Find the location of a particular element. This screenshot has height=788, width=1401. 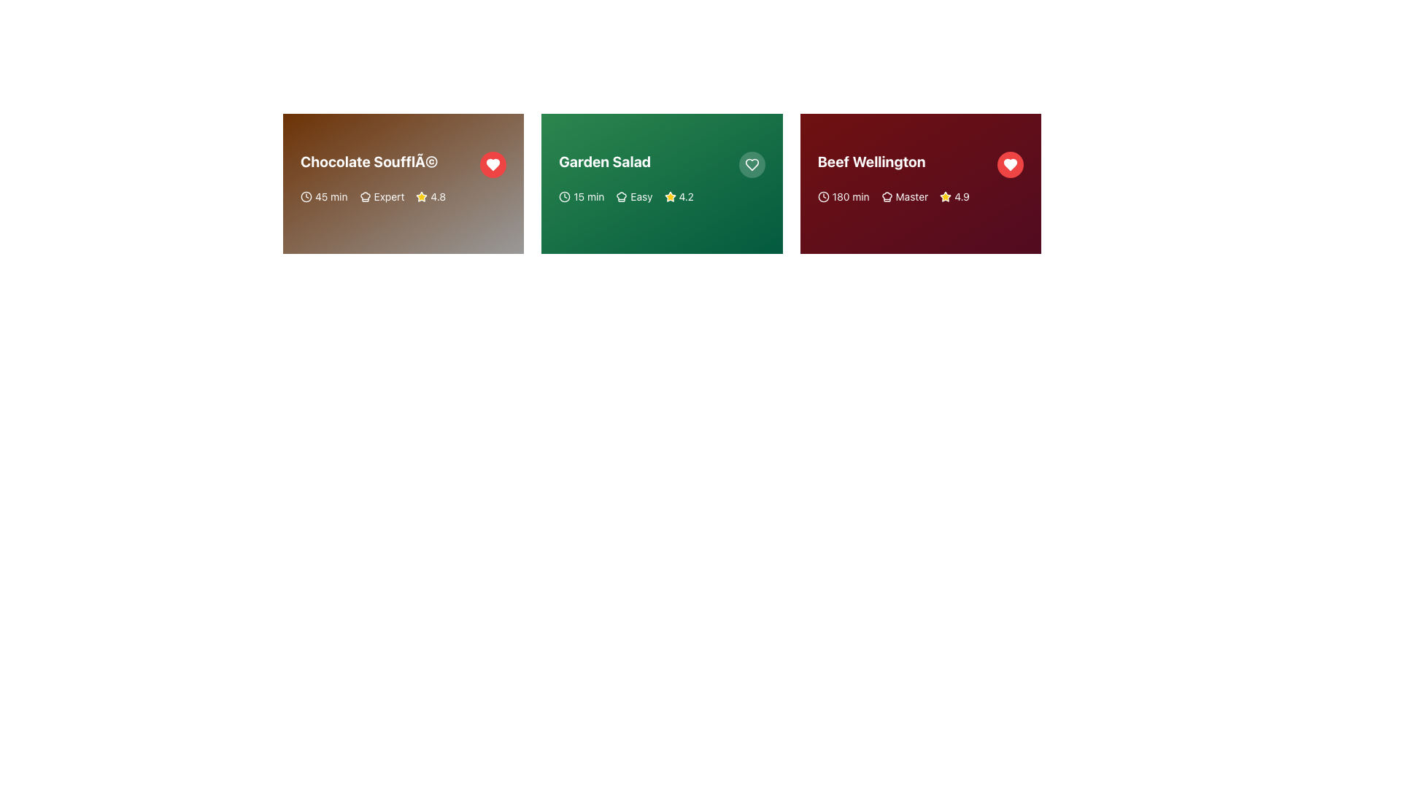

text of the 'Beef Wellington' label located at the top left of its containing card on a red-toned background is located at coordinates (919, 164).